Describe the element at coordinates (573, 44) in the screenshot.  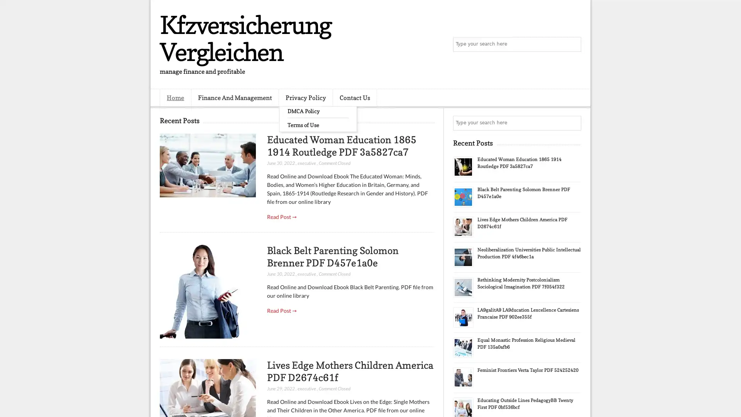
I see `Search` at that location.